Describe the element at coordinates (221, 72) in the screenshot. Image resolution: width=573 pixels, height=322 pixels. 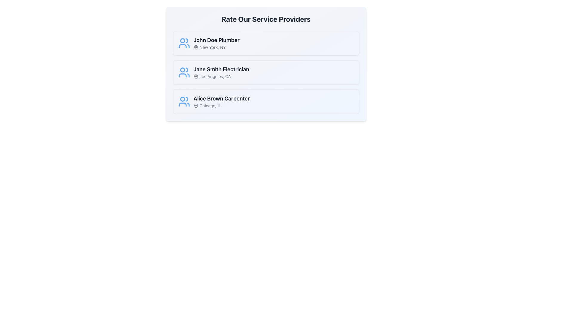
I see `the text-based information block displaying 'Jane Smith Electrician' with a map pin icon, located in the second row of the list` at that location.